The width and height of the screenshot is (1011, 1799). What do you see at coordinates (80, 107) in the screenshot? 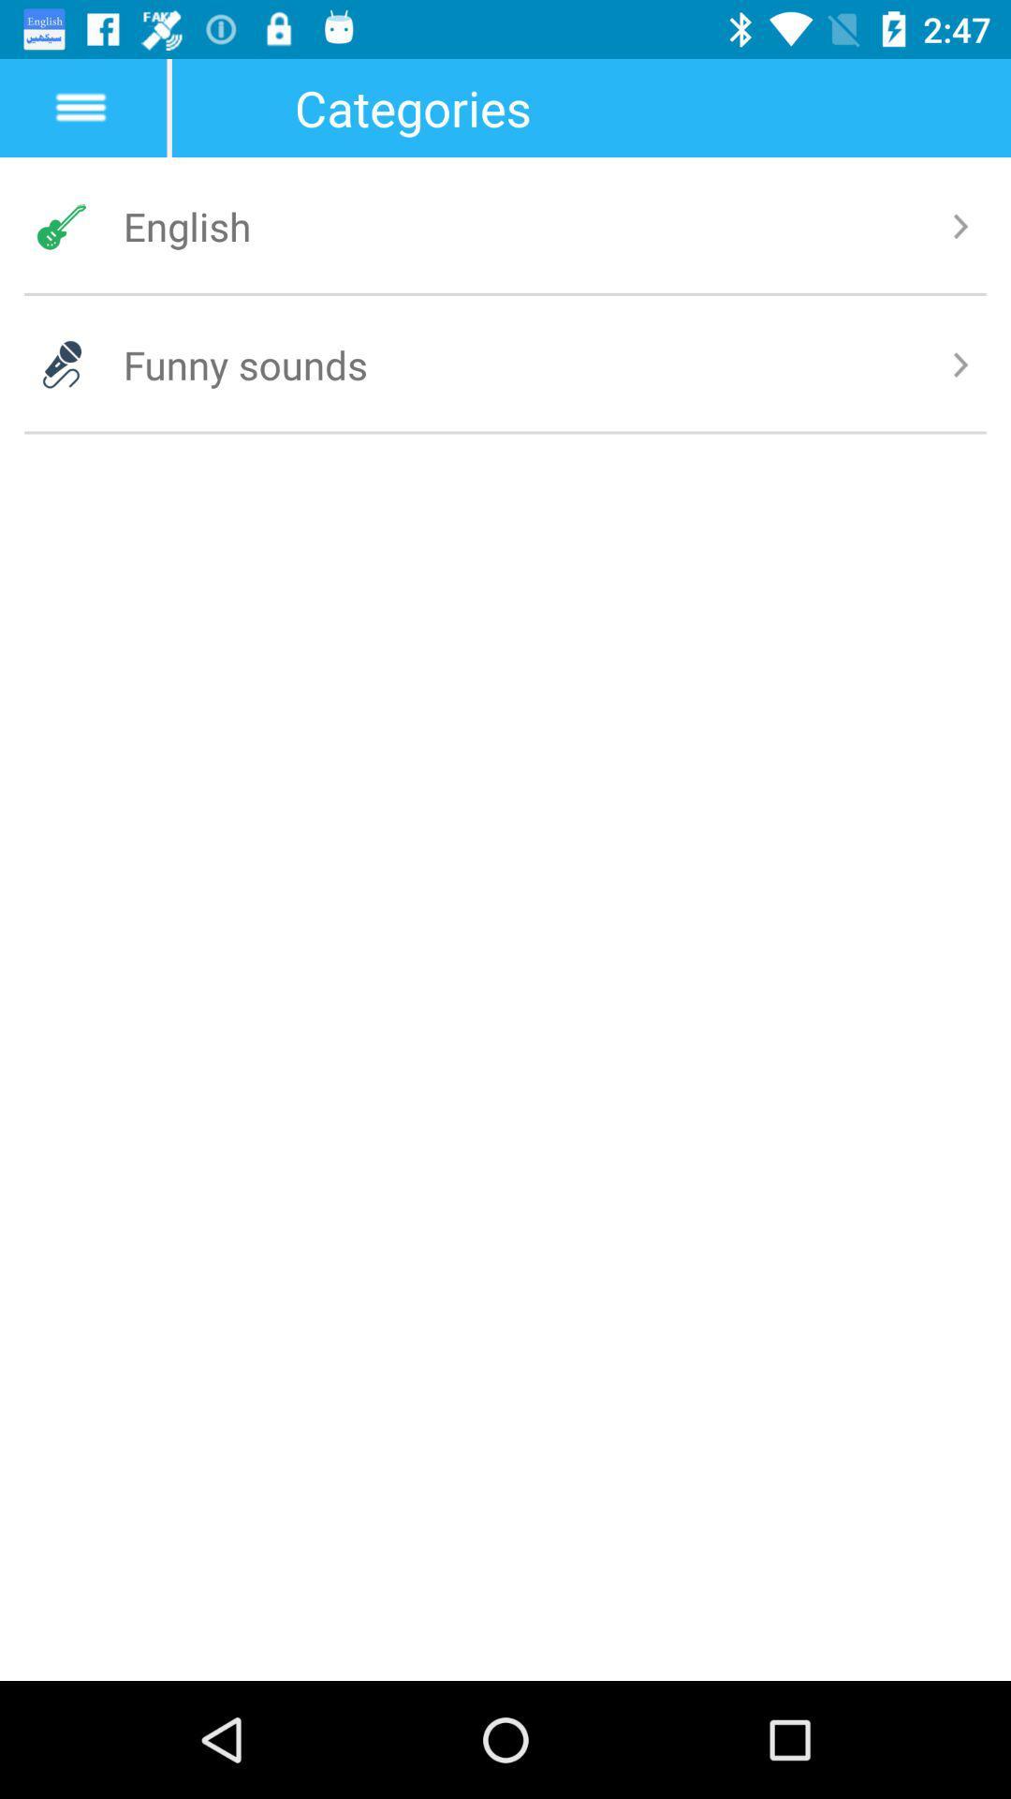
I see `the menu icon` at bounding box center [80, 107].